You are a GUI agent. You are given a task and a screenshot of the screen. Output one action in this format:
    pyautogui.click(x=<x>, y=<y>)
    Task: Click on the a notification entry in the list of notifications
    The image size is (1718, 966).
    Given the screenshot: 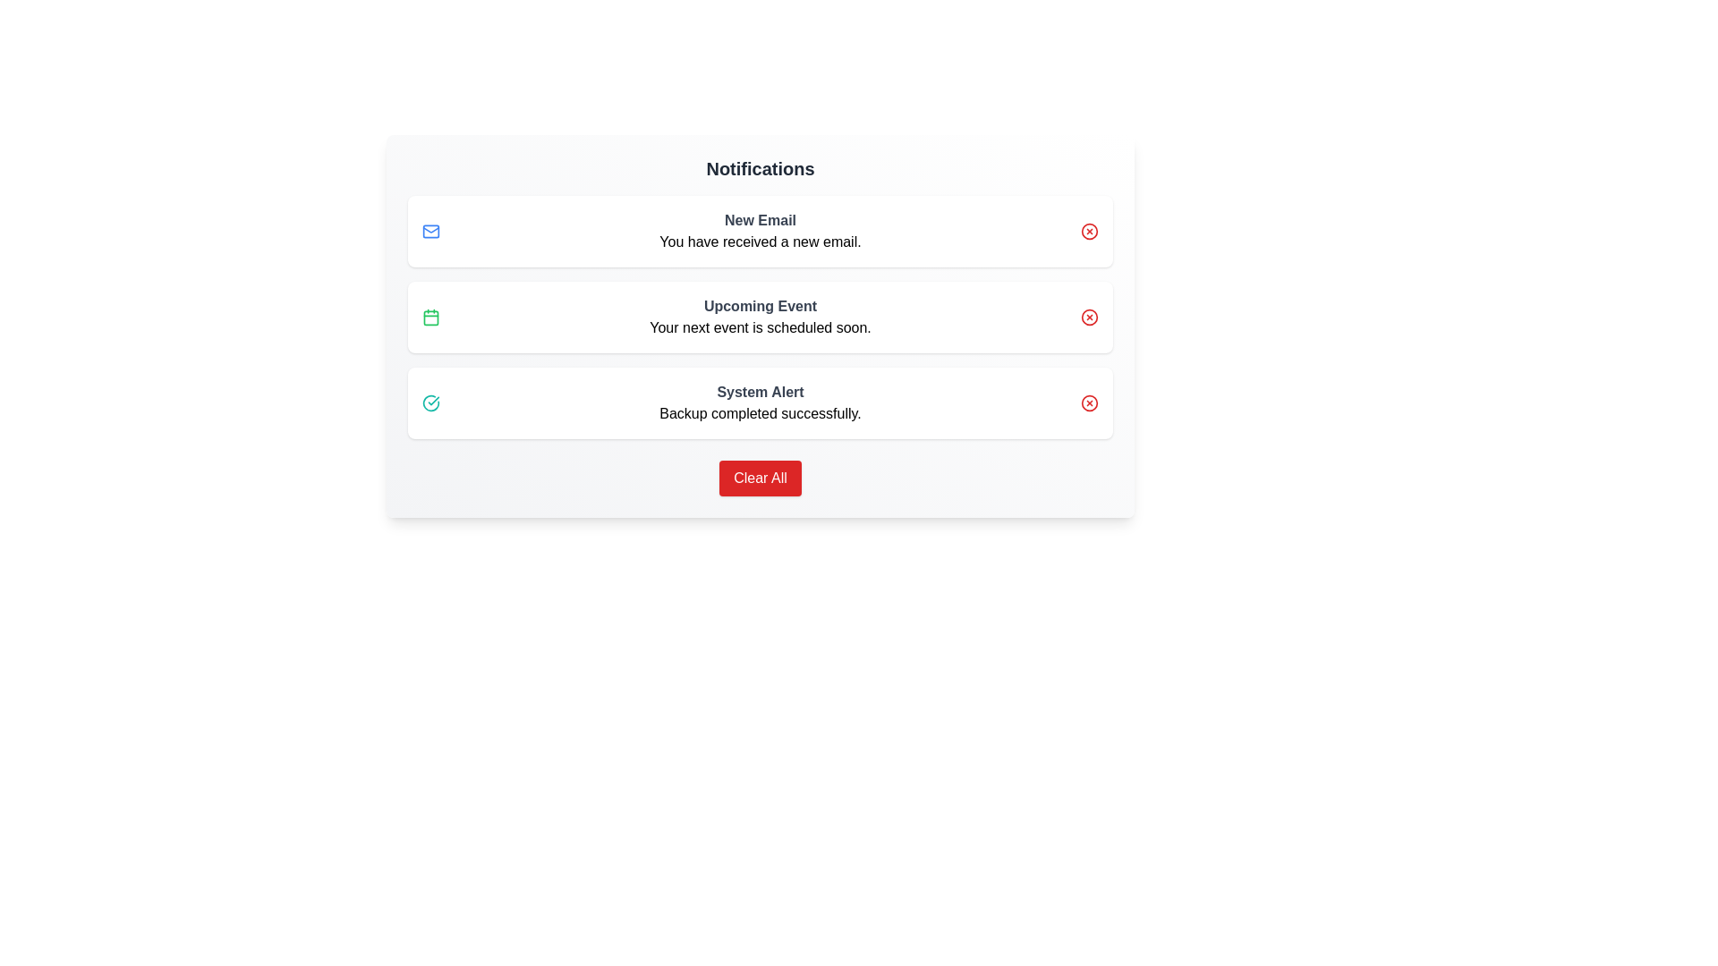 What is the action you would take?
    pyautogui.click(x=760, y=316)
    